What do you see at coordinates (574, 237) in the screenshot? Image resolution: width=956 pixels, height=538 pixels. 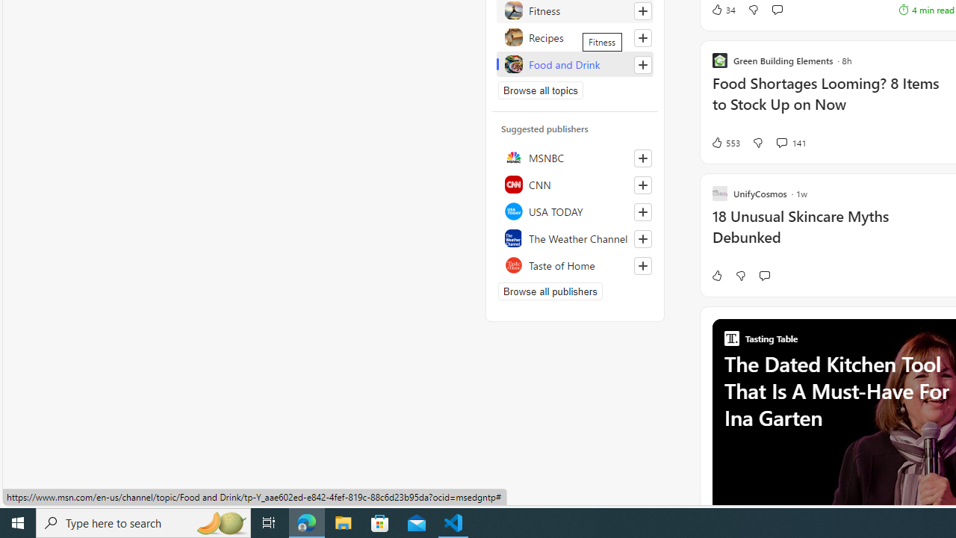 I see `'The Weather Channel'` at bounding box center [574, 237].